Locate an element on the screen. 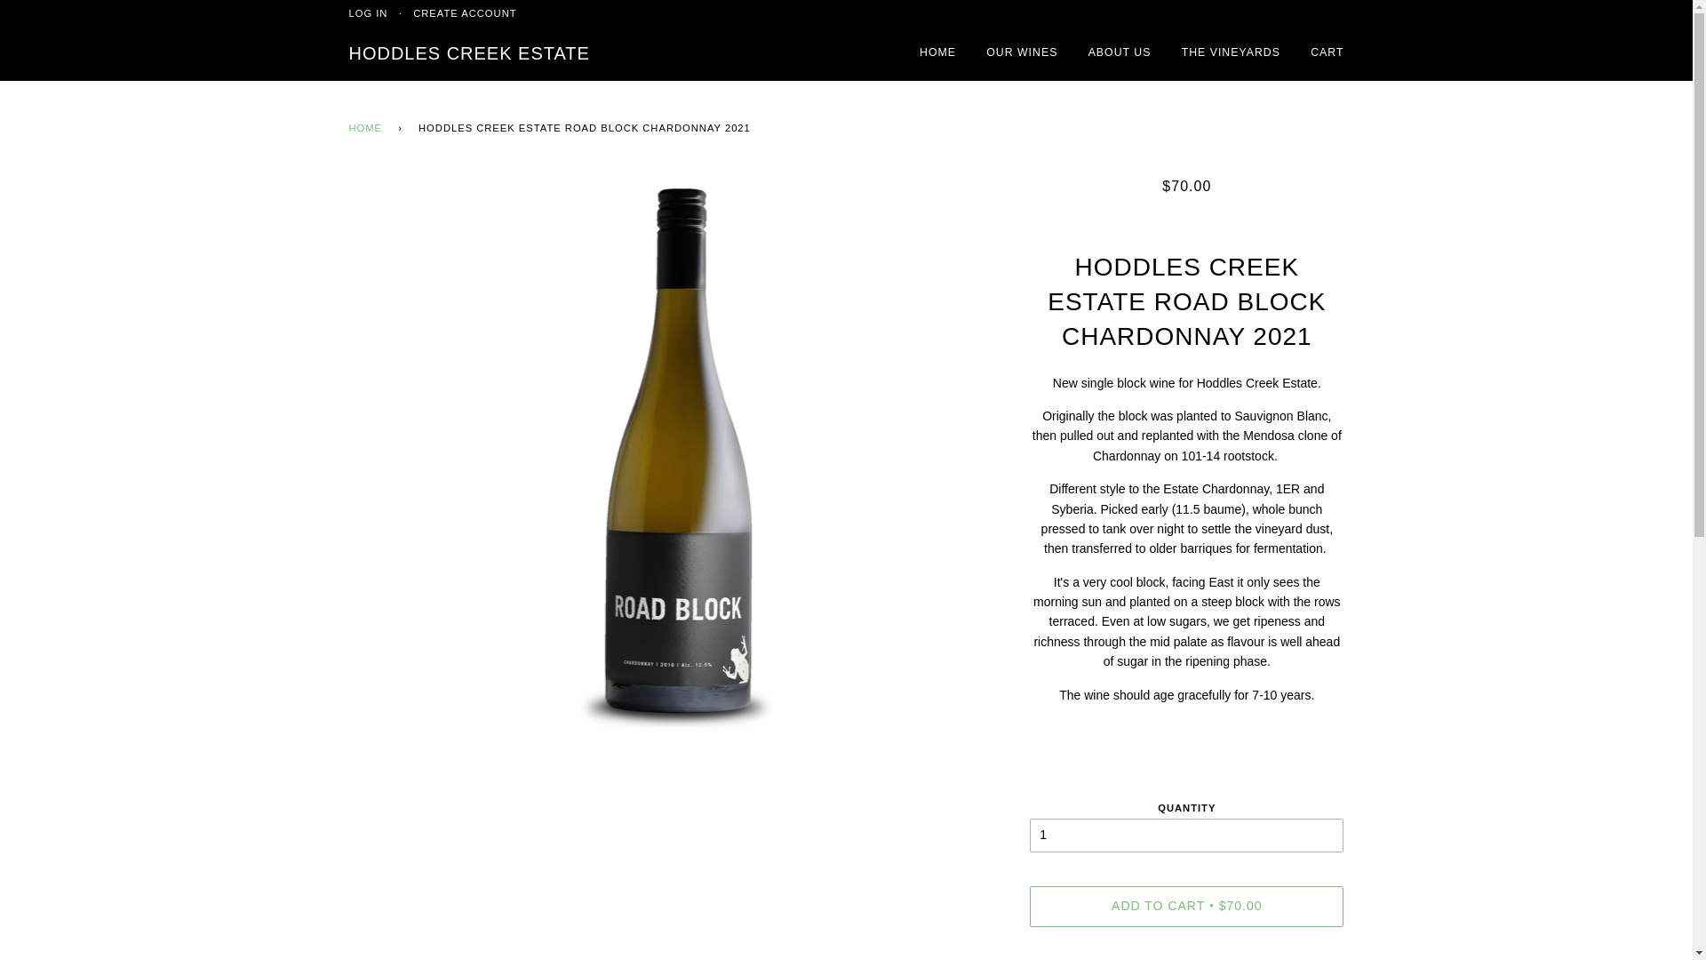 This screenshot has width=1706, height=960. 'CREATE ACCOUNT' is located at coordinates (465, 13).